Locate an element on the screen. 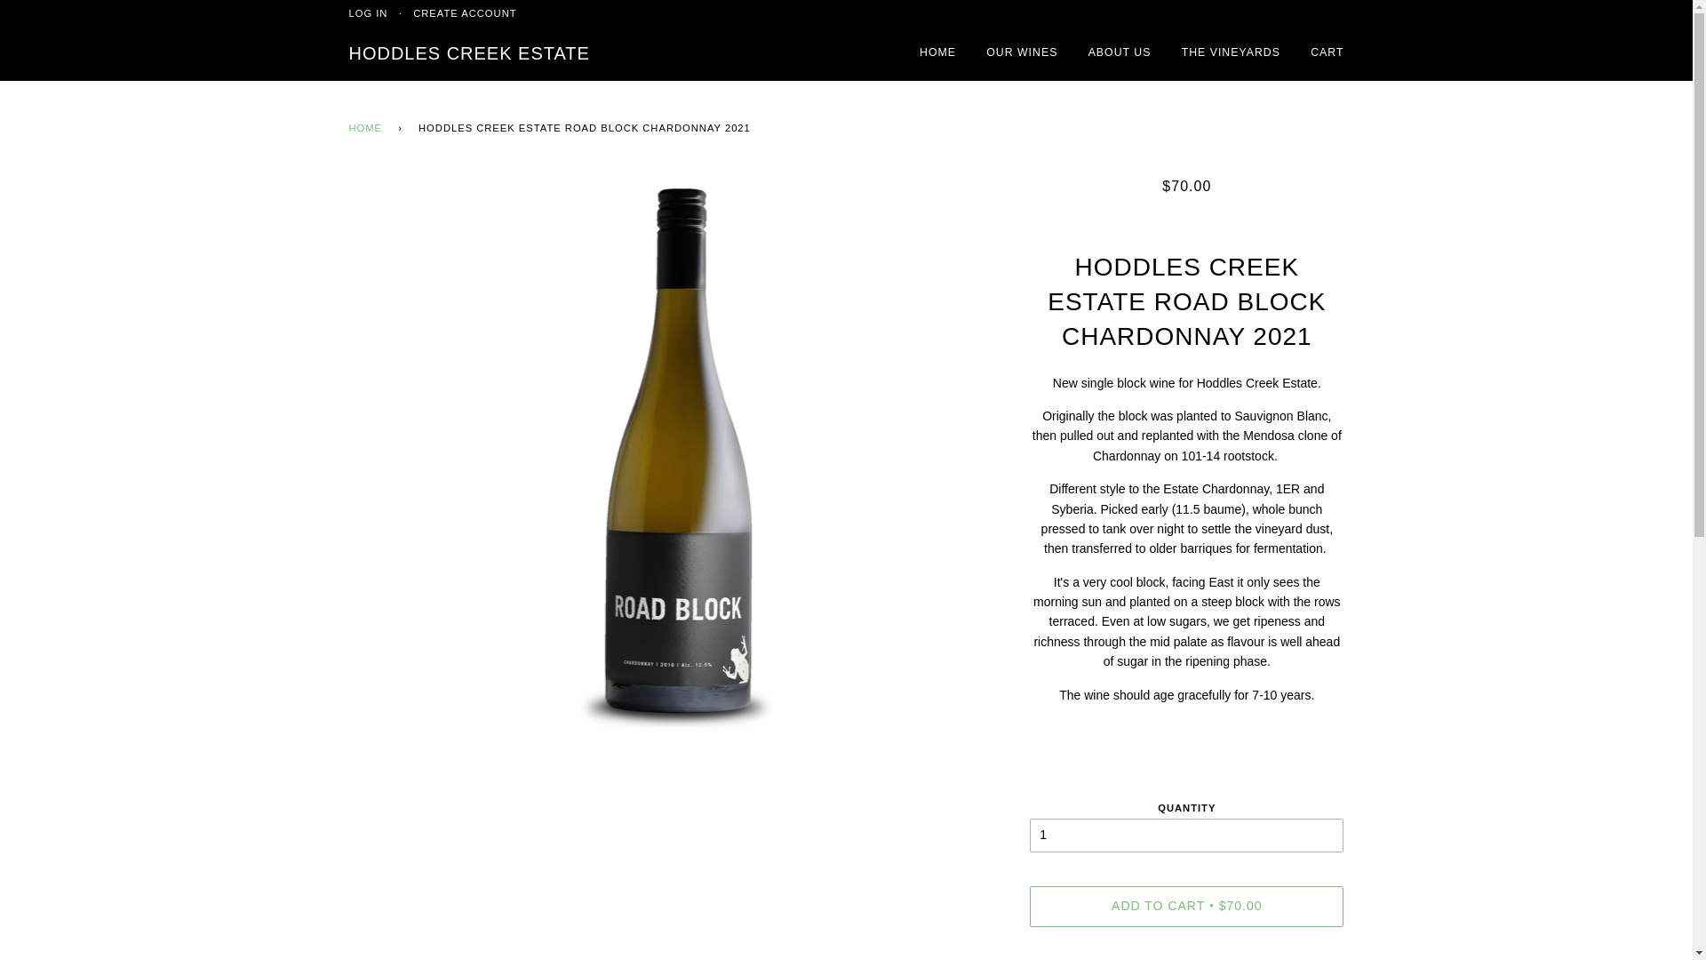 This screenshot has width=1706, height=960. 'CREATE ACCOUNT' is located at coordinates (465, 13).